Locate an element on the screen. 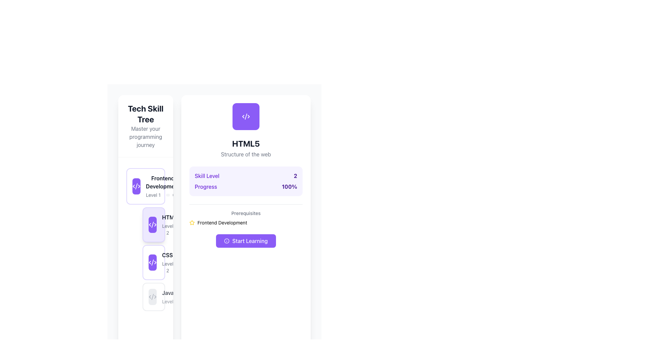 This screenshot has height=364, width=647. the second skill in the learning progress under the 'Frontend Development' section, which displays the skill name, level, and completion percentage is located at coordinates (178, 225).